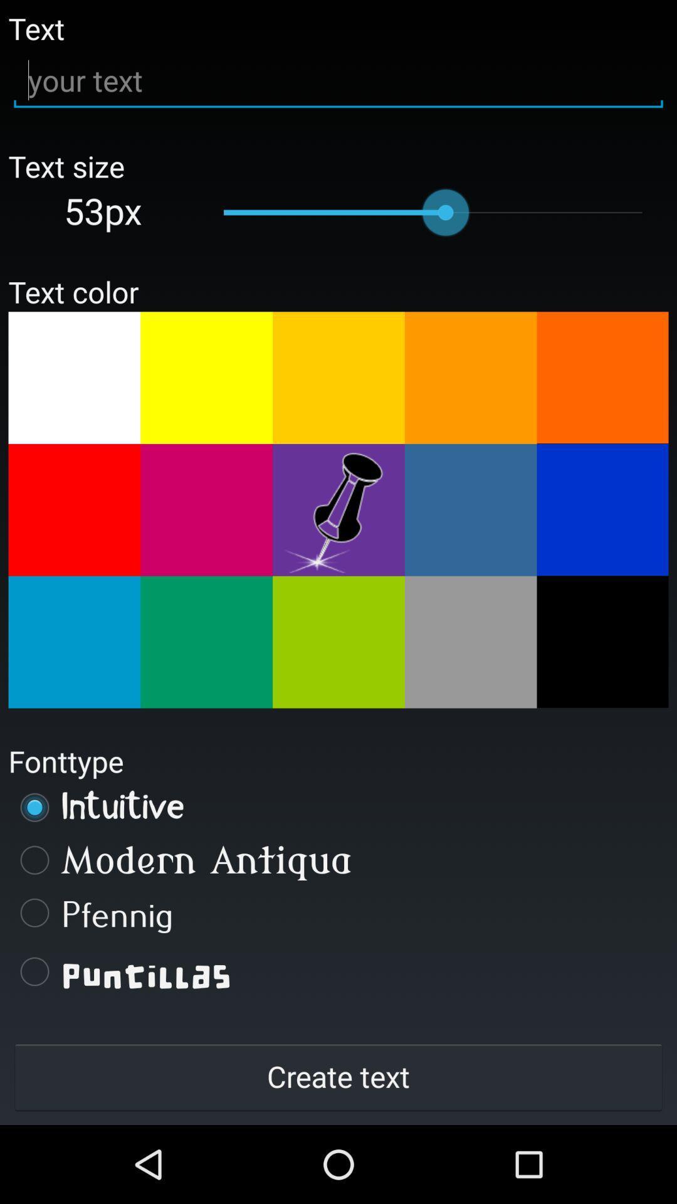  I want to click on blue color, so click(602, 509).